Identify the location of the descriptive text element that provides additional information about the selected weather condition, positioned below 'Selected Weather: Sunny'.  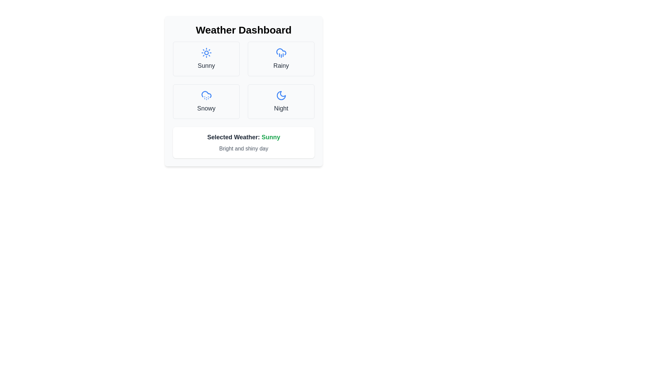
(244, 148).